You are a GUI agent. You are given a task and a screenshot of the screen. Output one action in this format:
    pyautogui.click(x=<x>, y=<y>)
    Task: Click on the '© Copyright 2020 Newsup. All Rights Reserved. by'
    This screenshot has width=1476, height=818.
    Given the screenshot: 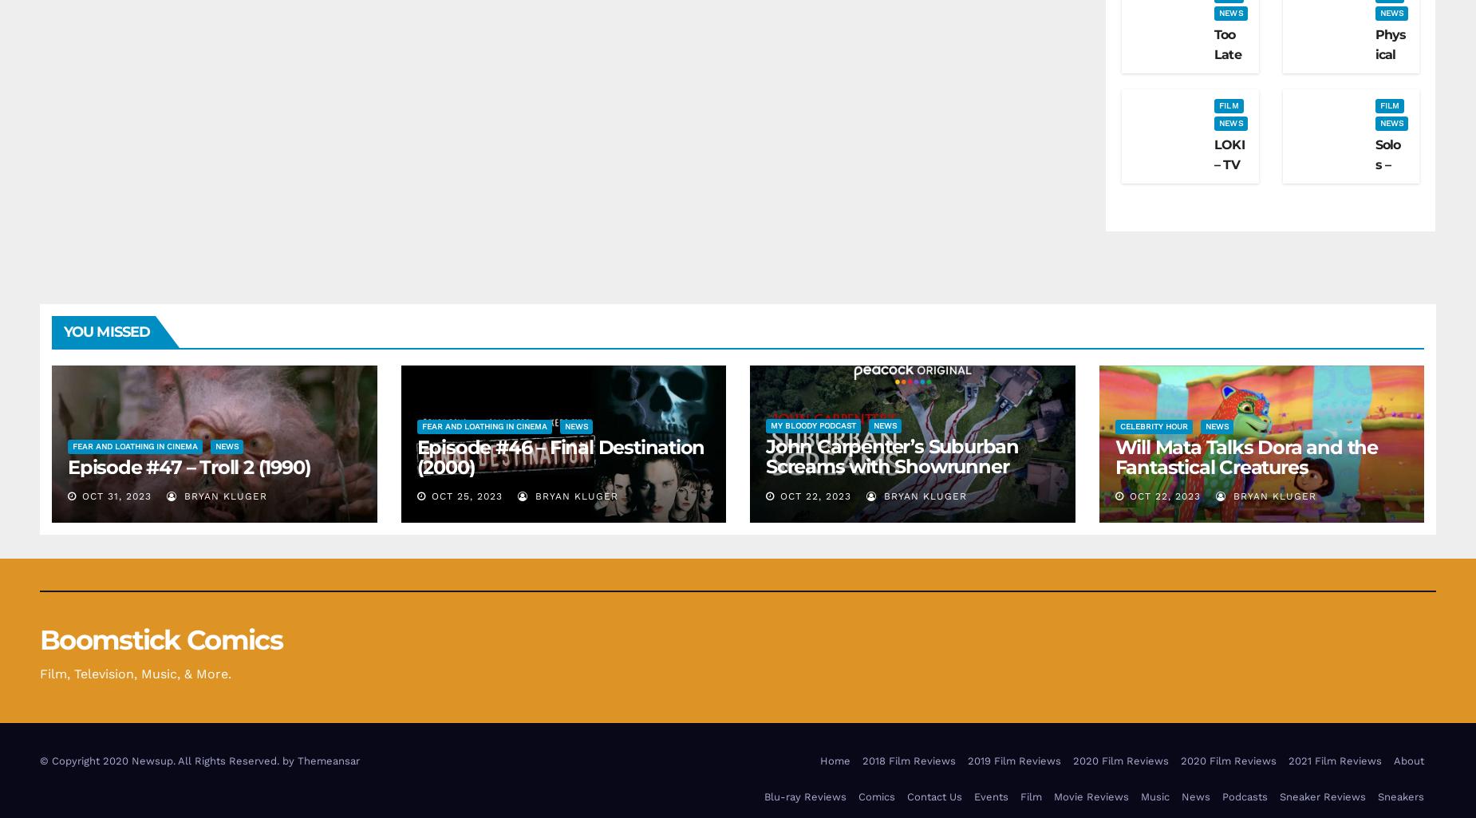 What is the action you would take?
    pyautogui.click(x=38, y=761)
    